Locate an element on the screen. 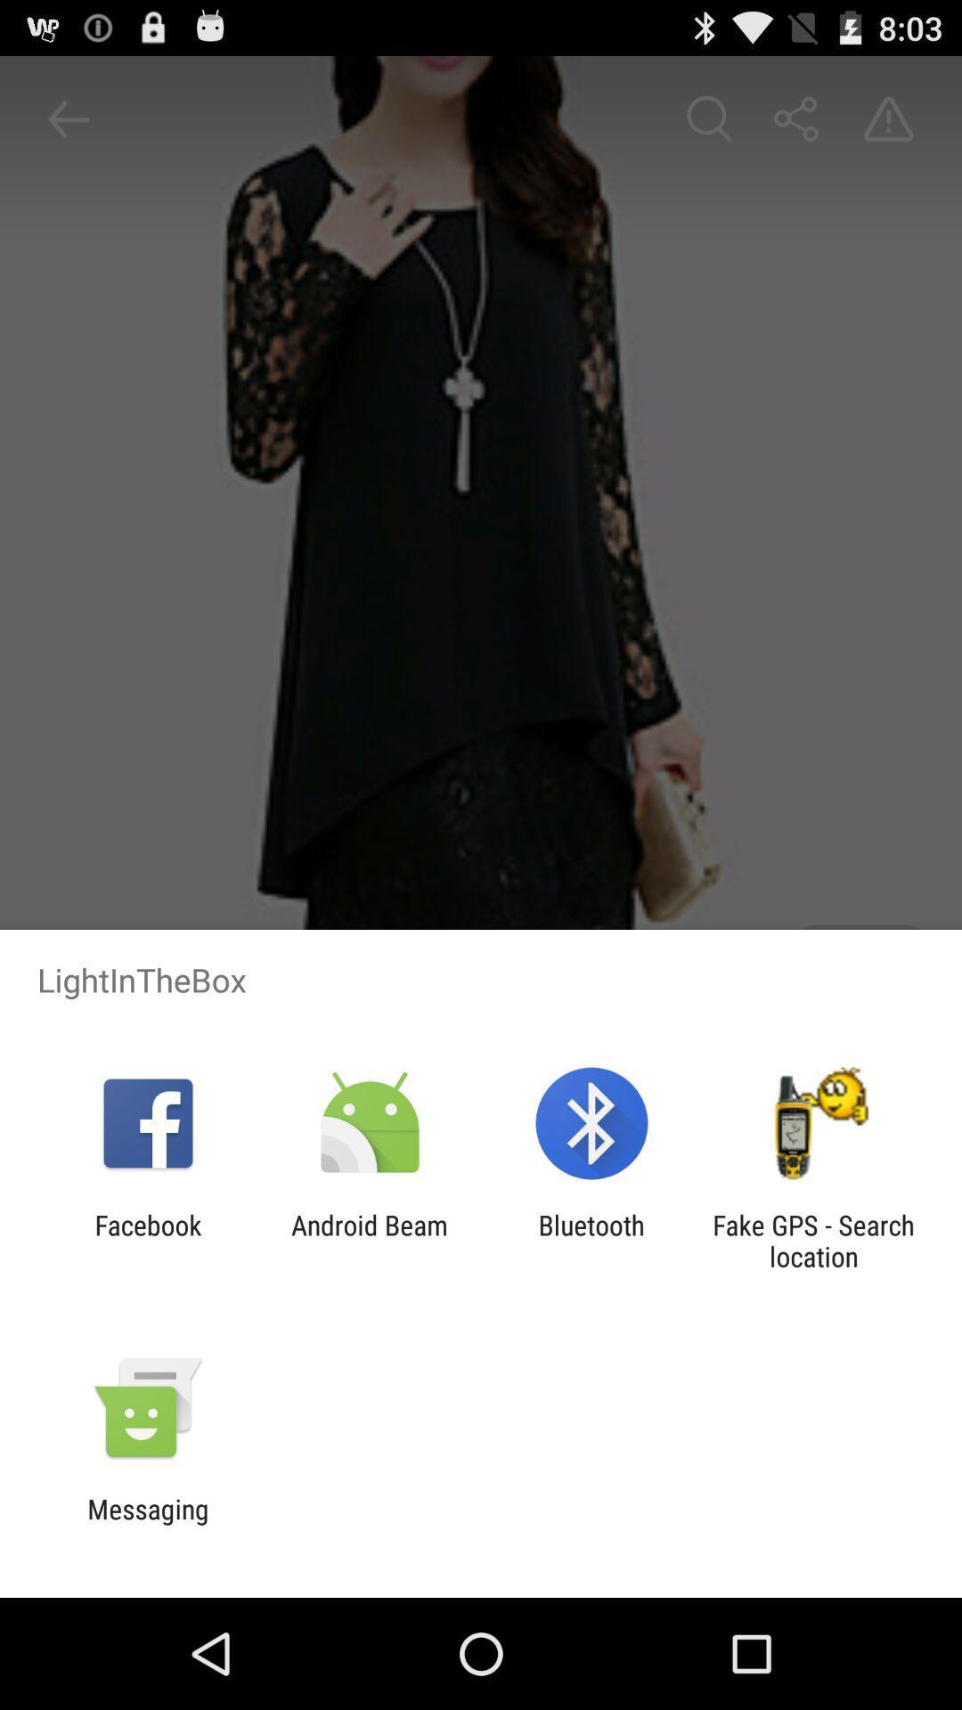 The height and width of the screenshot is (1710, 962). item next to android beam icon is located at coordinates (147, 1240).